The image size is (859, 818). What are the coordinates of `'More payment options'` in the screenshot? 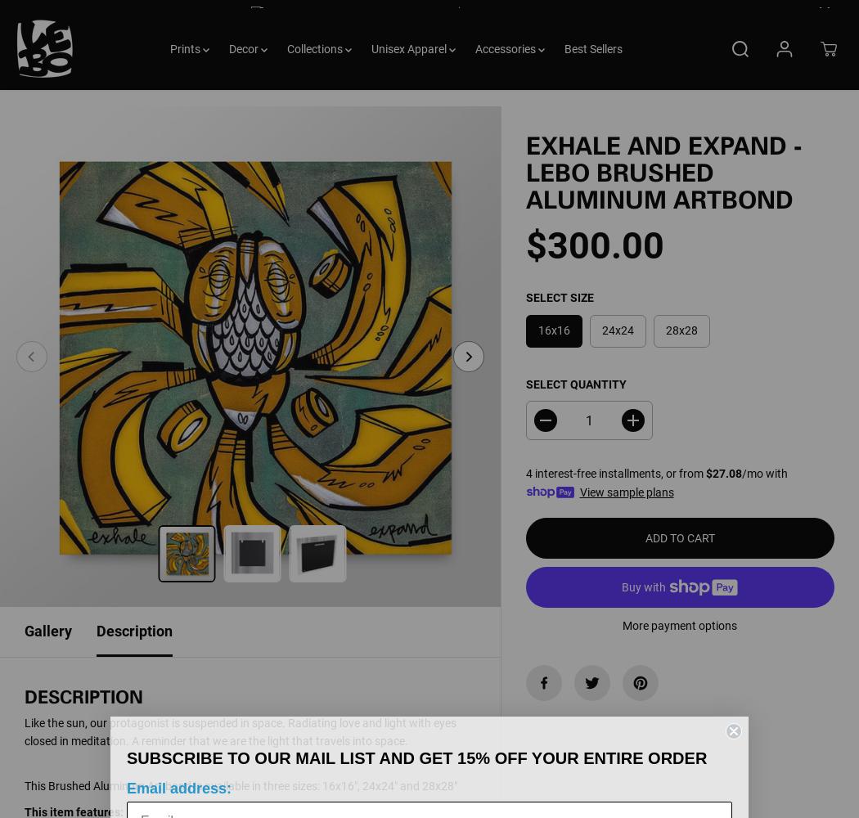 It's located at (679, 625).